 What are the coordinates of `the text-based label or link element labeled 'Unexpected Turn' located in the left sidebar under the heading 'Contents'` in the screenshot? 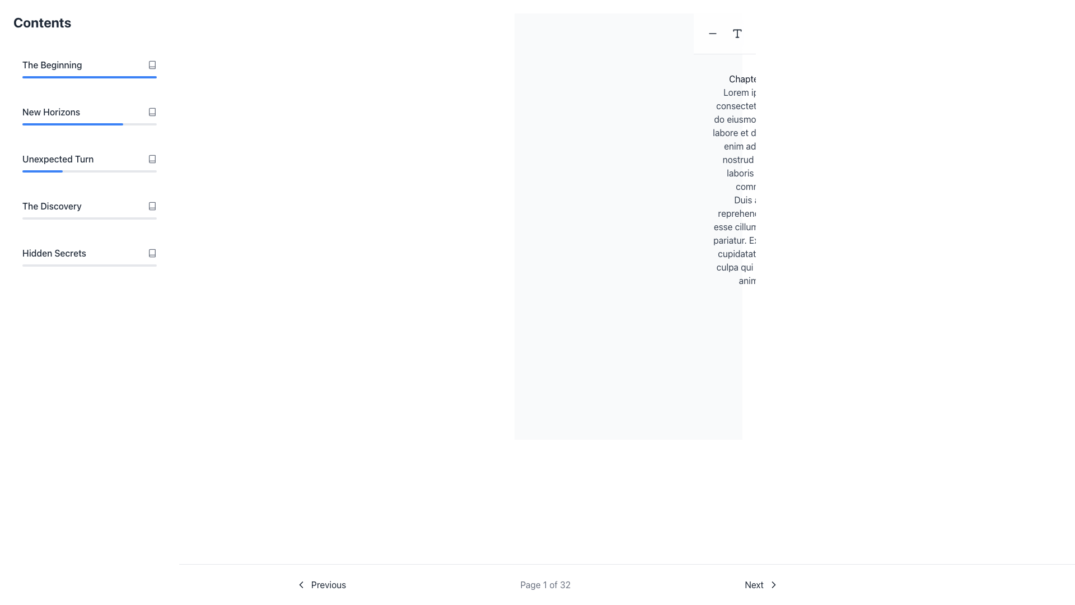 It's located at (88, 159).